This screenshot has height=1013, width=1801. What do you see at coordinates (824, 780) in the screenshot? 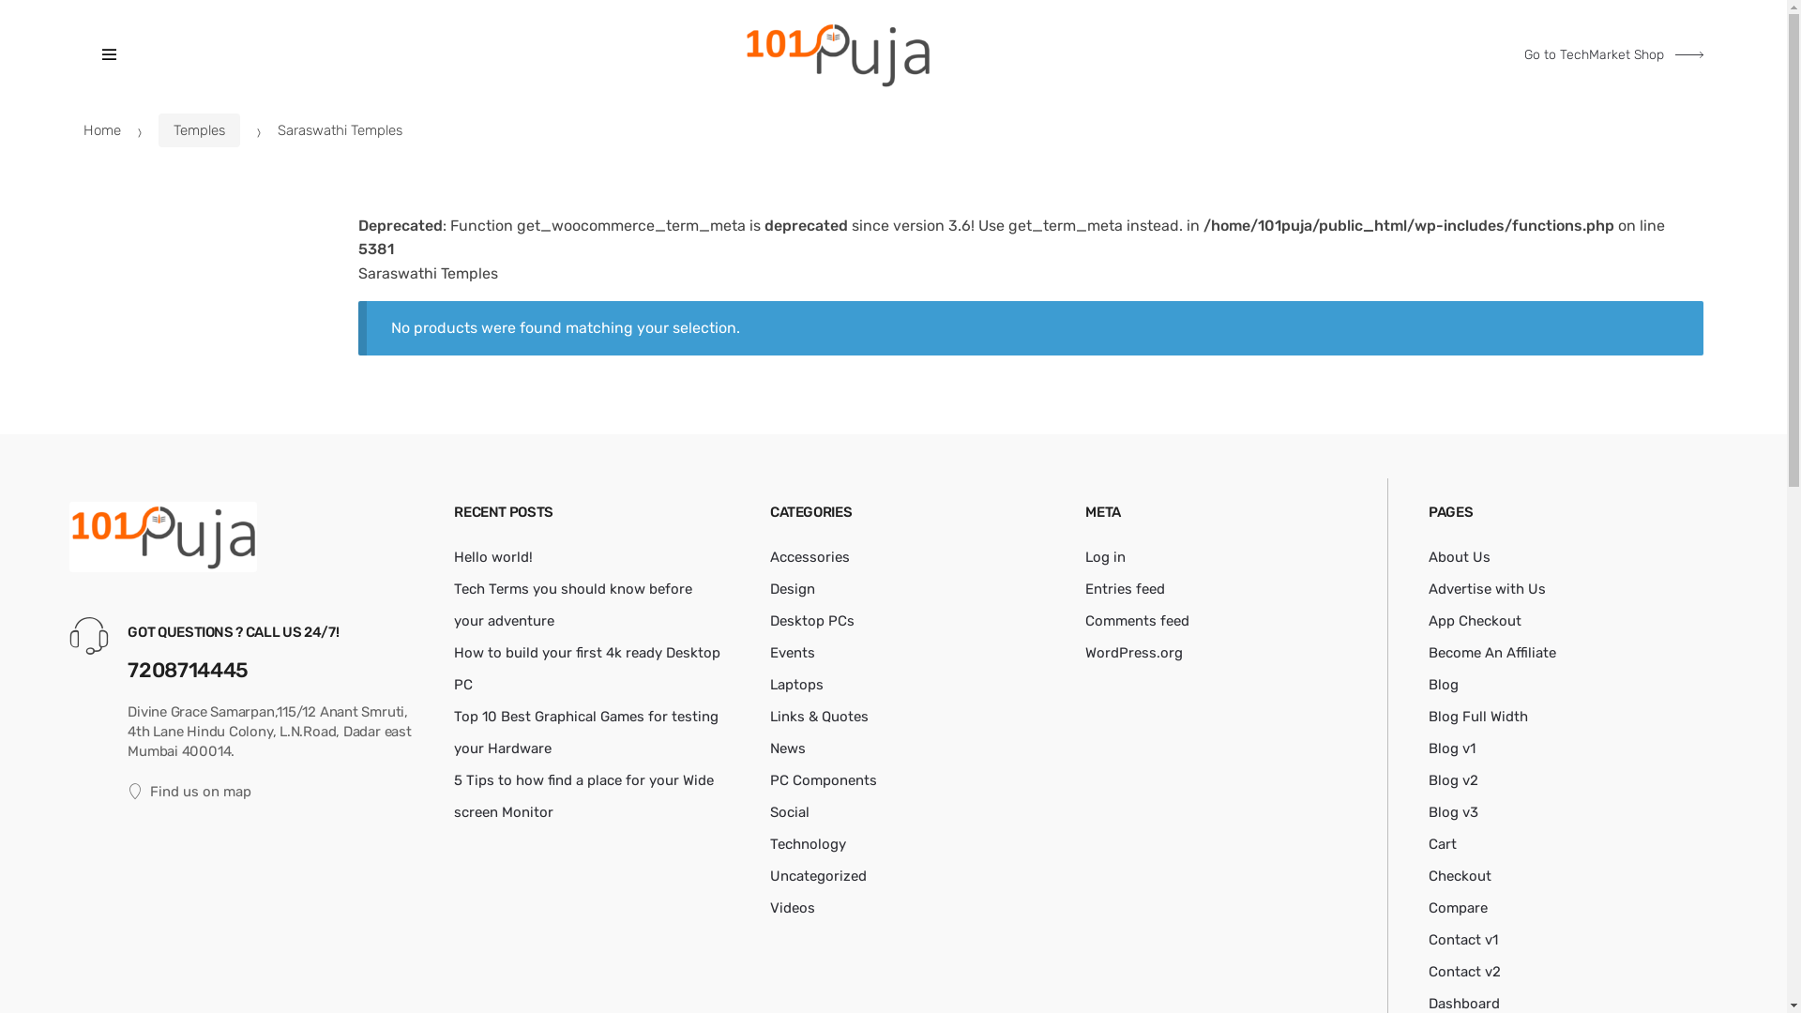
I see `'PC Components'` at bounding box center [824, 780].